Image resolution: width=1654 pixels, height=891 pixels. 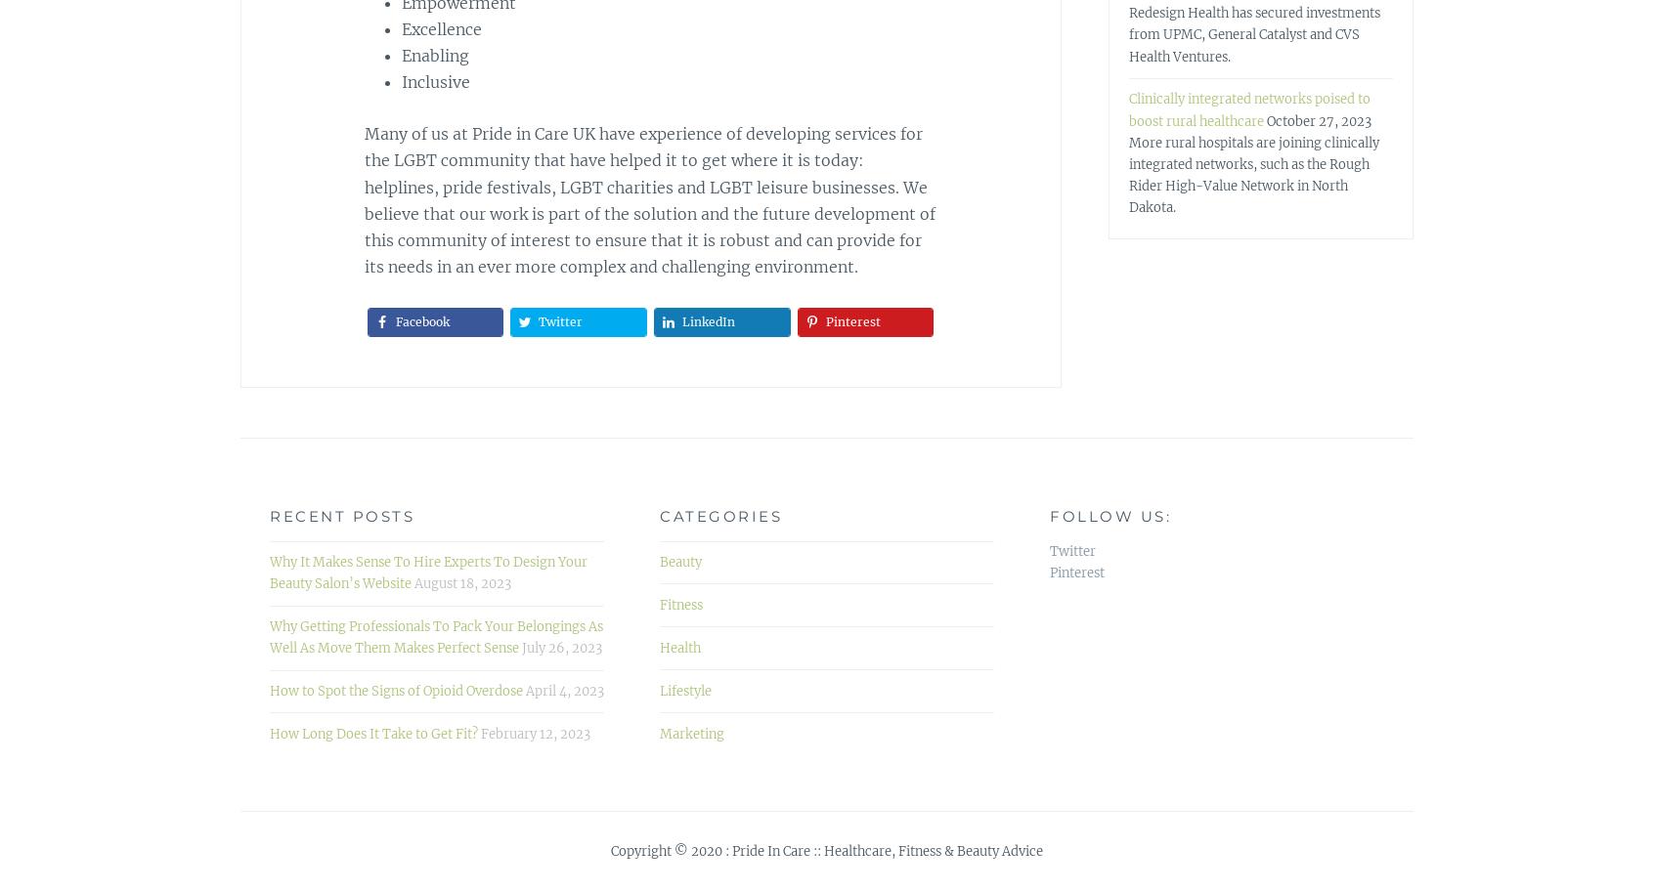 I want to click on 'Beauty', so click(x=680, y=561).